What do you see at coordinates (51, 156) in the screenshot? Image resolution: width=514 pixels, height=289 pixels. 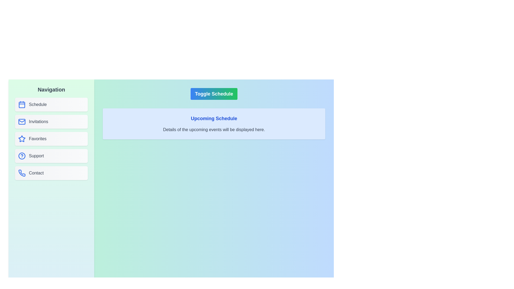 I see `the Support button in the sidebar to navigate to the corresponding section` at bounding box center [51, 156].